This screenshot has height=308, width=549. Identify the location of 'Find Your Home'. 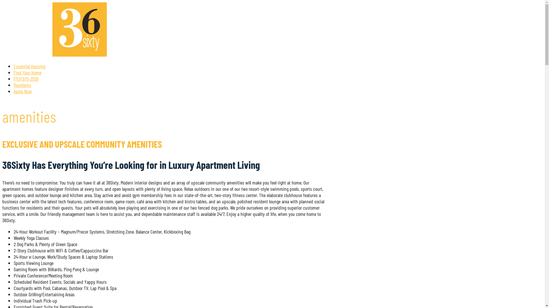
(27, 72).